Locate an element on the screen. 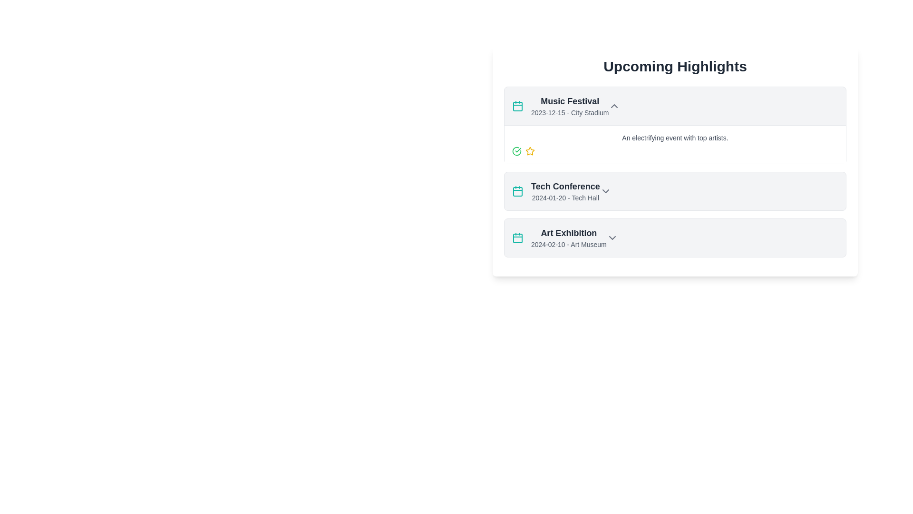  the text within the 'Art Exhibition' text block, which is positioned in the third item of a vertically stacked list of event summaries is located at coordinates (569, 237).